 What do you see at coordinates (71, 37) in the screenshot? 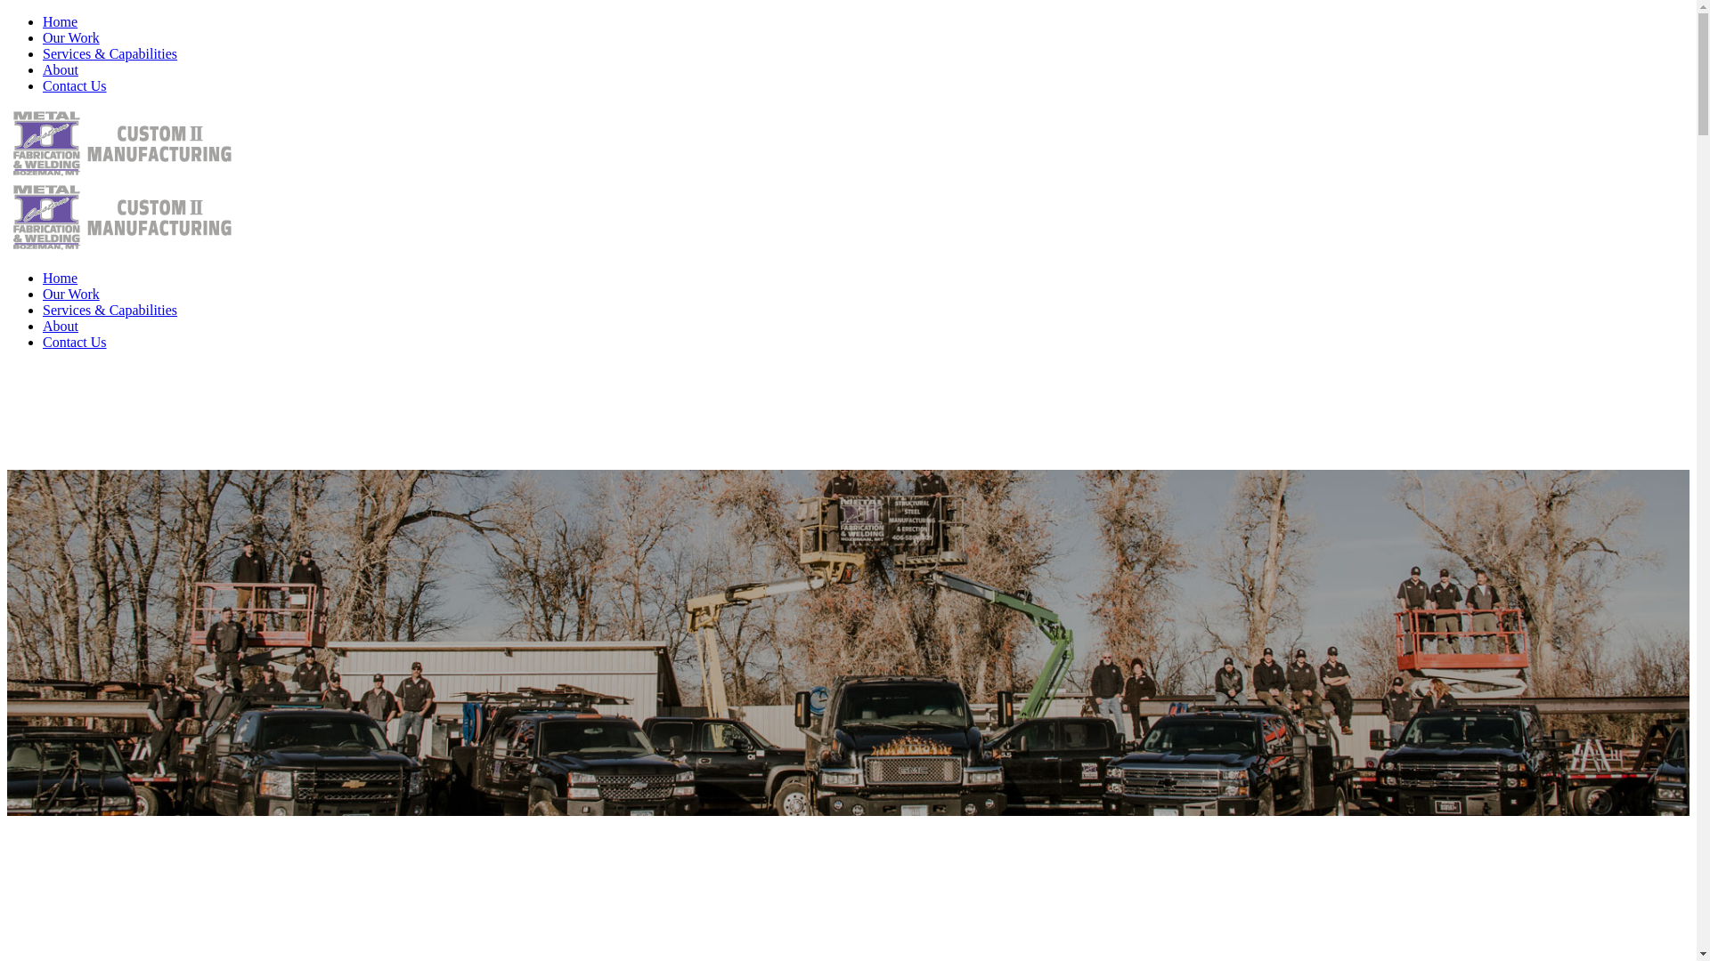
I see `'Our Work'` at bounding box center [71, 37].